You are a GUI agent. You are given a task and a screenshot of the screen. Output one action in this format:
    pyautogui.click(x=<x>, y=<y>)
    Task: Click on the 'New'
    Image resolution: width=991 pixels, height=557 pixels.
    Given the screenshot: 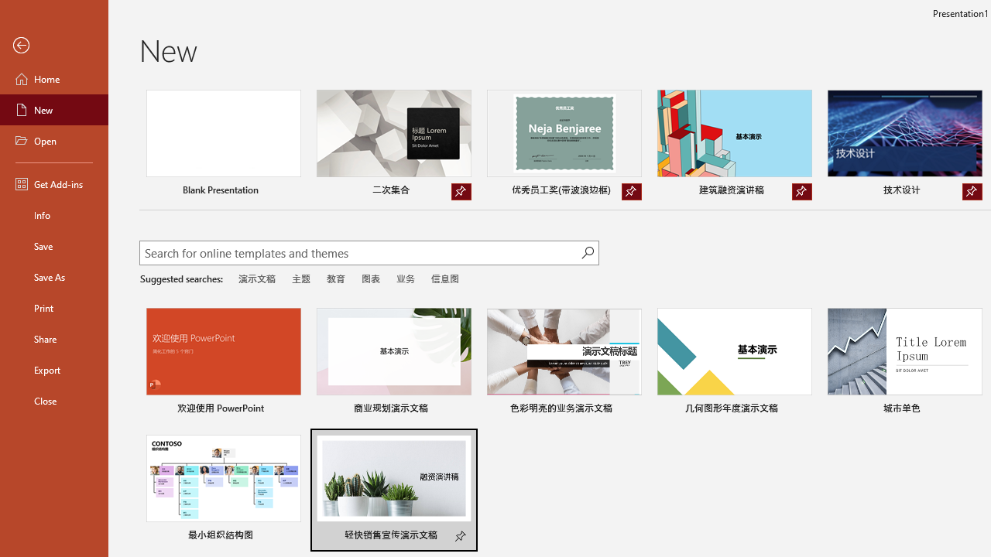 What is the action you would take?
    pyautogui.click(x=53, y=108)
    